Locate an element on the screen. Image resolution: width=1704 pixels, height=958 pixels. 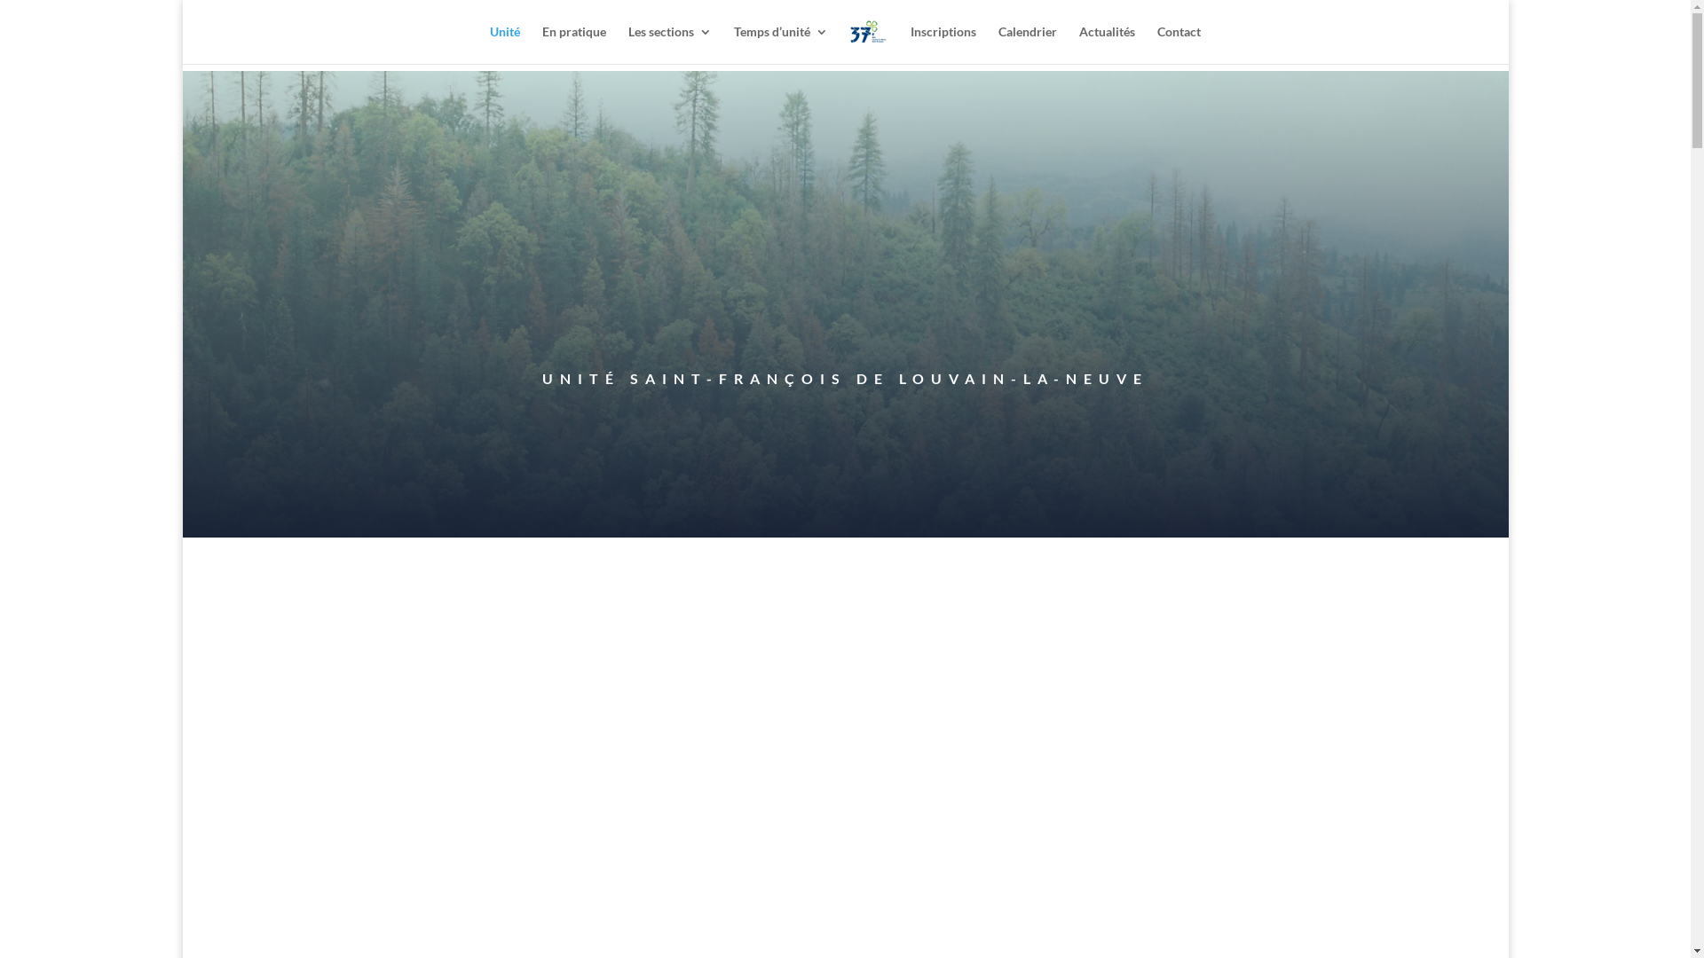
'Les sections' is located at coordinates (668, 43).